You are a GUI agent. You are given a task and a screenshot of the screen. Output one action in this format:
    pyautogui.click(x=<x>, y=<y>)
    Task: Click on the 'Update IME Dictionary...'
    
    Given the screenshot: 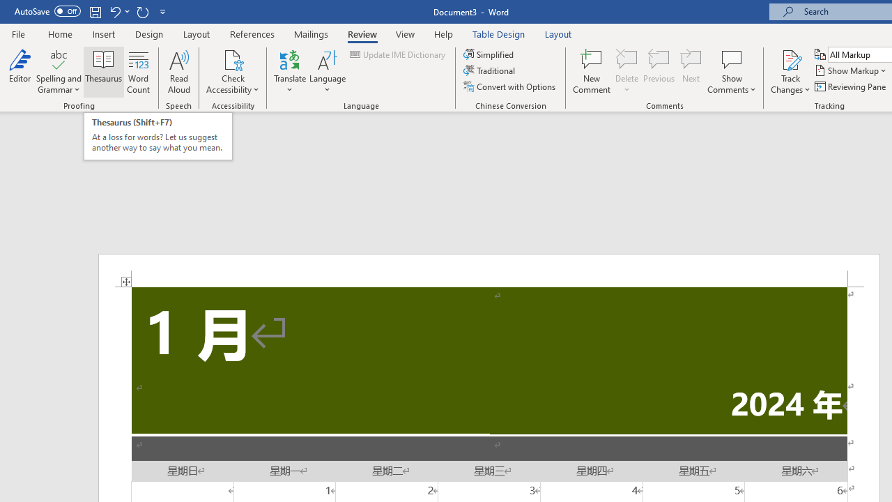 What is the action you would take?
    pyautogui.click(x=398, y=54)
    